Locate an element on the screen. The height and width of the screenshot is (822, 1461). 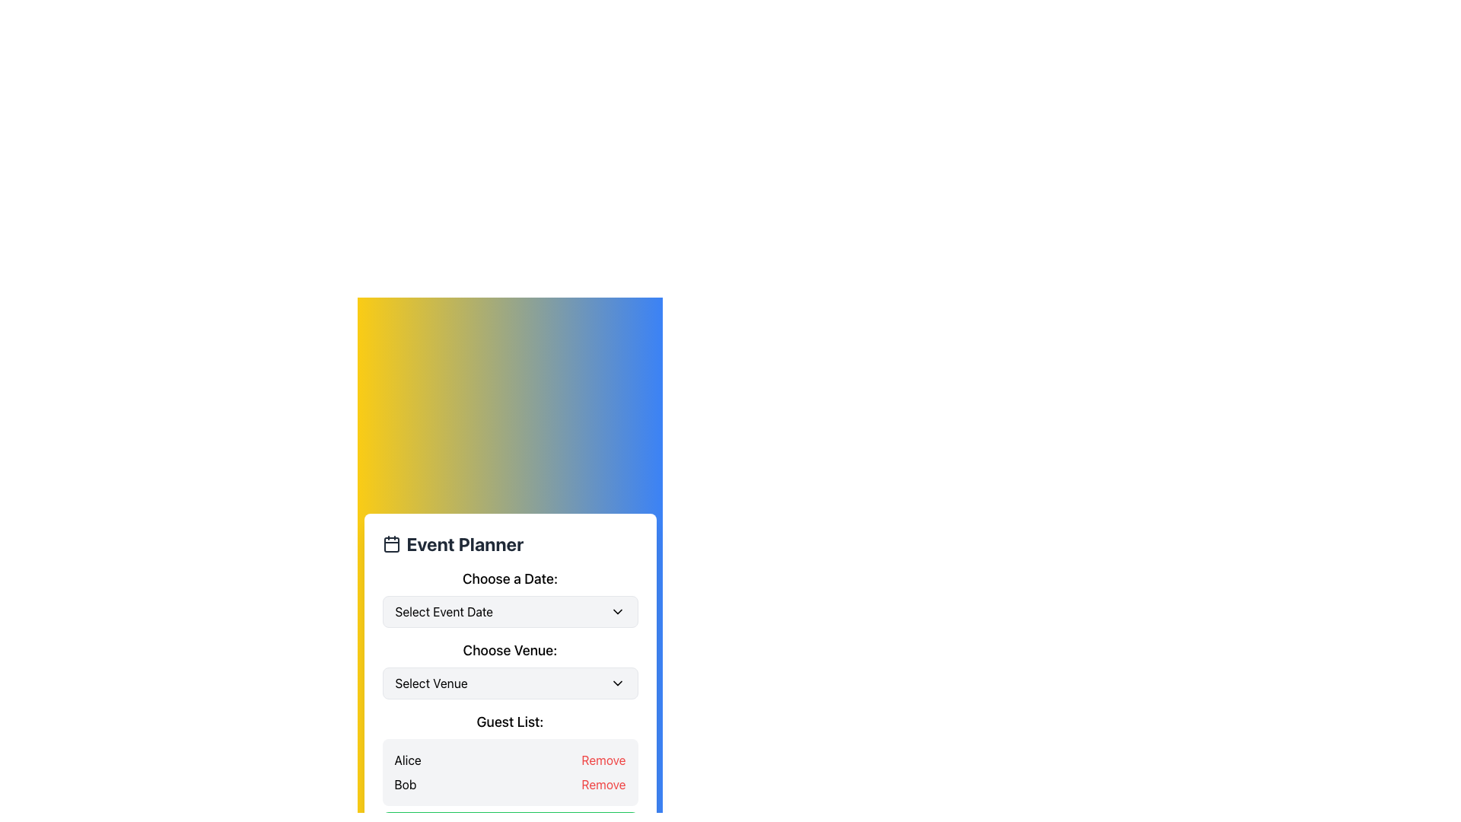
the 'Remove' button with red color styling located at the far-right side of the 'Bob' row in the 'Guest List' section is located at coordinates (603, 784).